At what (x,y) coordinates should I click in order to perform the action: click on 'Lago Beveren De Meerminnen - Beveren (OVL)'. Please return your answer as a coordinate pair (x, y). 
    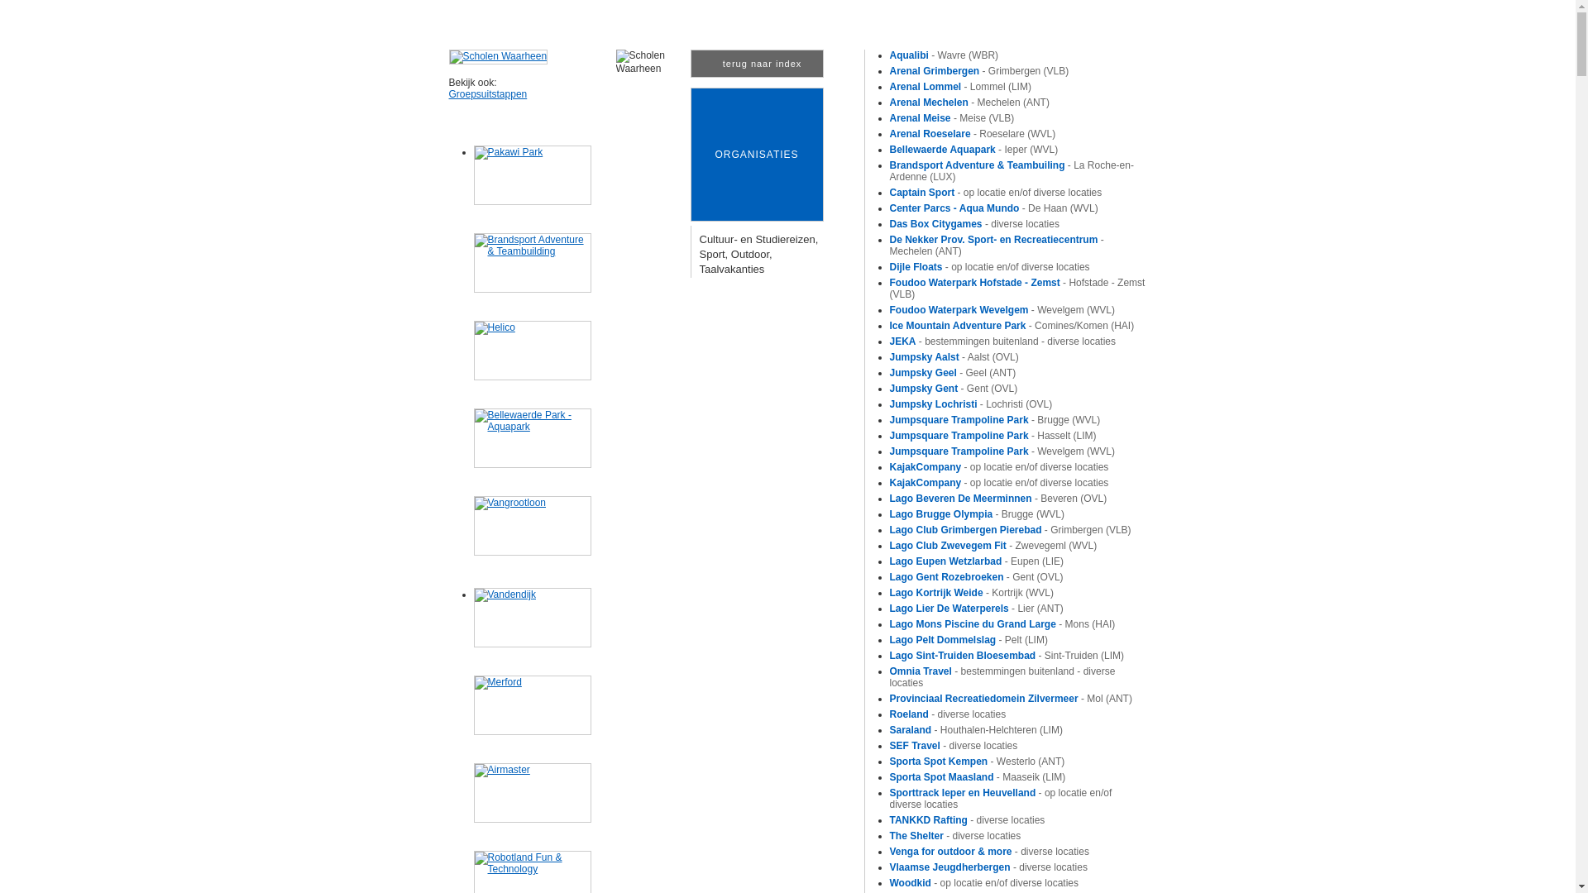
    Looking at the image, I should click on (997, 497).